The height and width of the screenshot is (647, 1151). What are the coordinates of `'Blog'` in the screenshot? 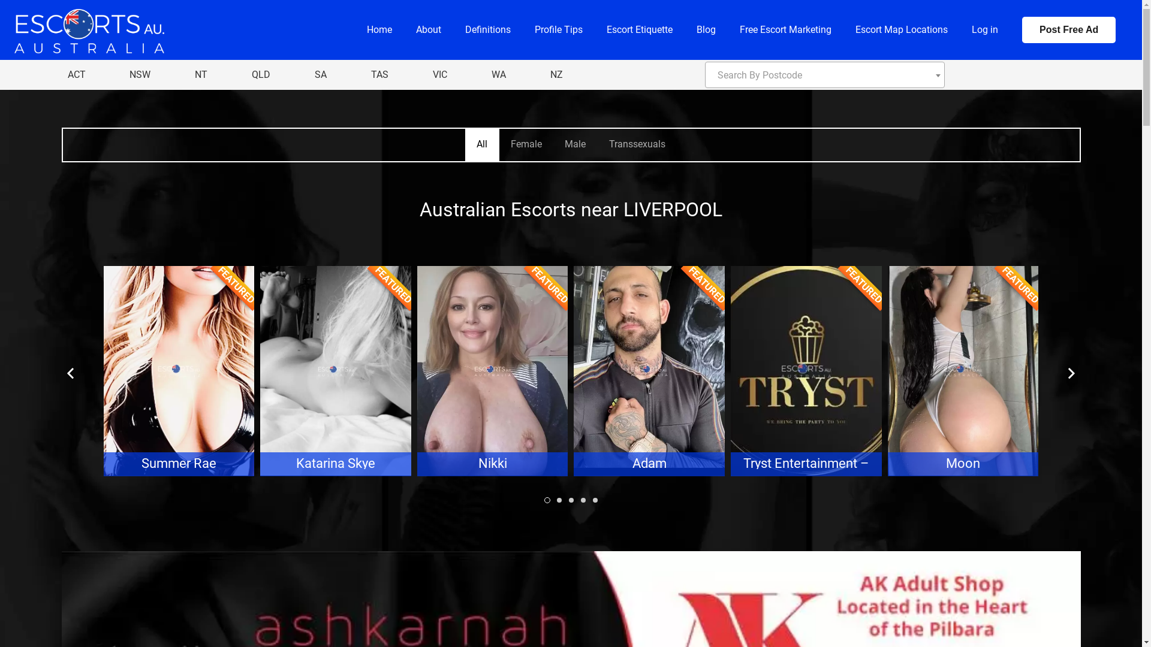 It's located at (706, 29).